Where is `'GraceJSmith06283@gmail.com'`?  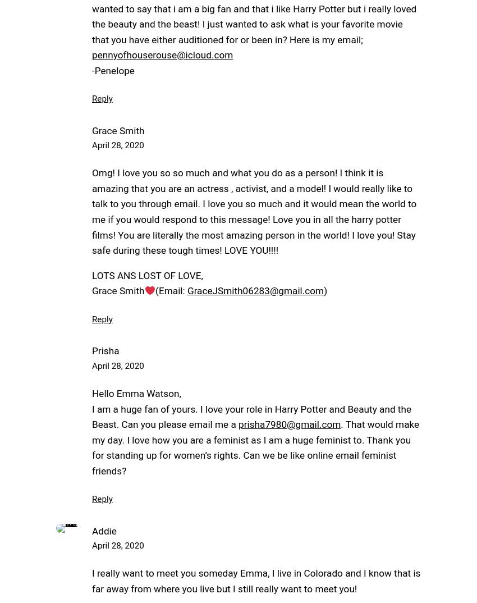 'GraceJSmith06283@gmail.com' is located at coordinates (255, 290).